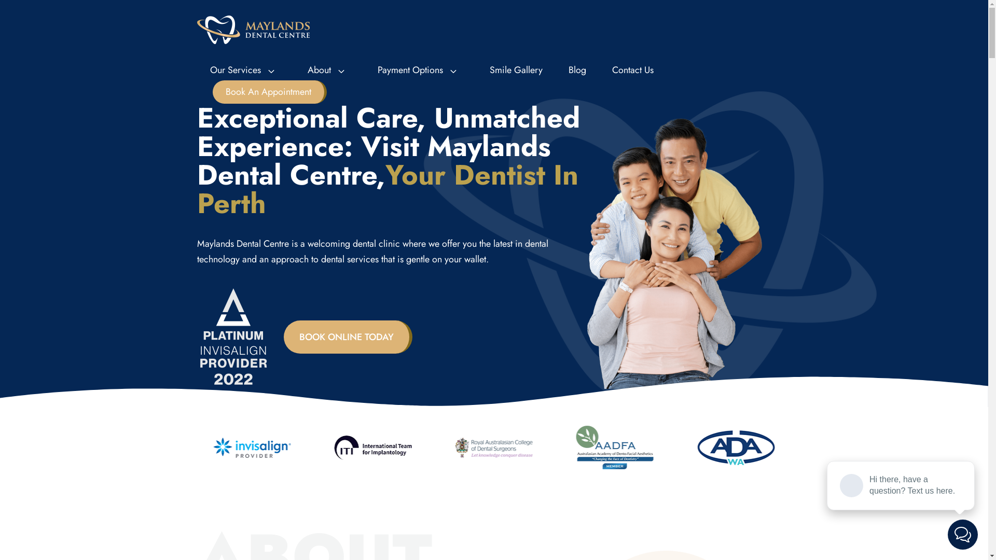 The width and height of the screenshot is (996, 560). Describe the element at coordinates (555, 70) in the screenshot. I see `'Blog'` at that location.